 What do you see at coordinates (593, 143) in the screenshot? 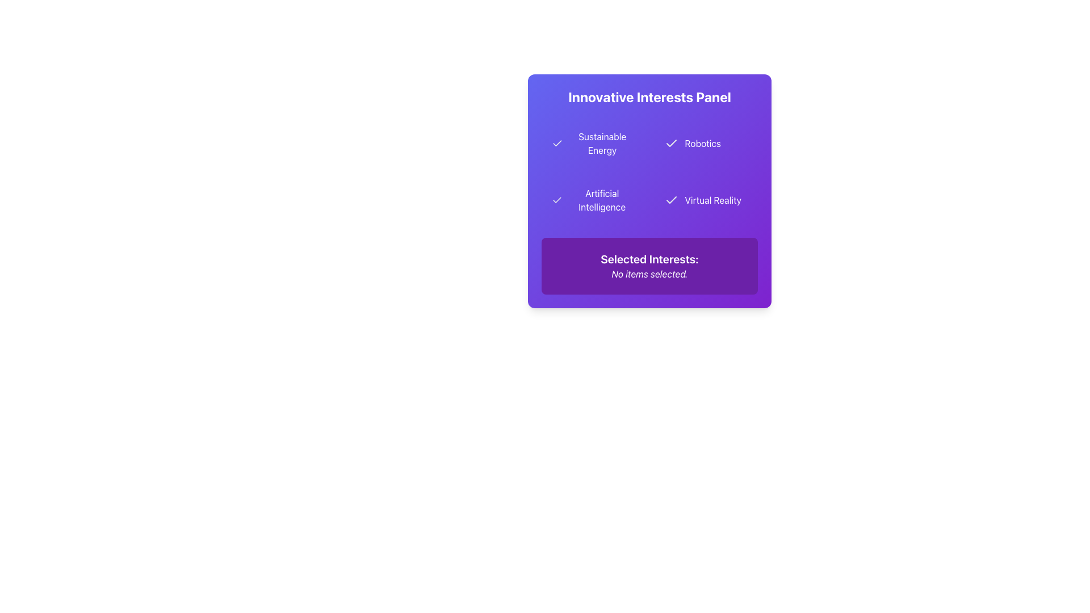
I see `the clickable selection box labeled 'Sustainable Energy'` at bounding box center [593, 143].